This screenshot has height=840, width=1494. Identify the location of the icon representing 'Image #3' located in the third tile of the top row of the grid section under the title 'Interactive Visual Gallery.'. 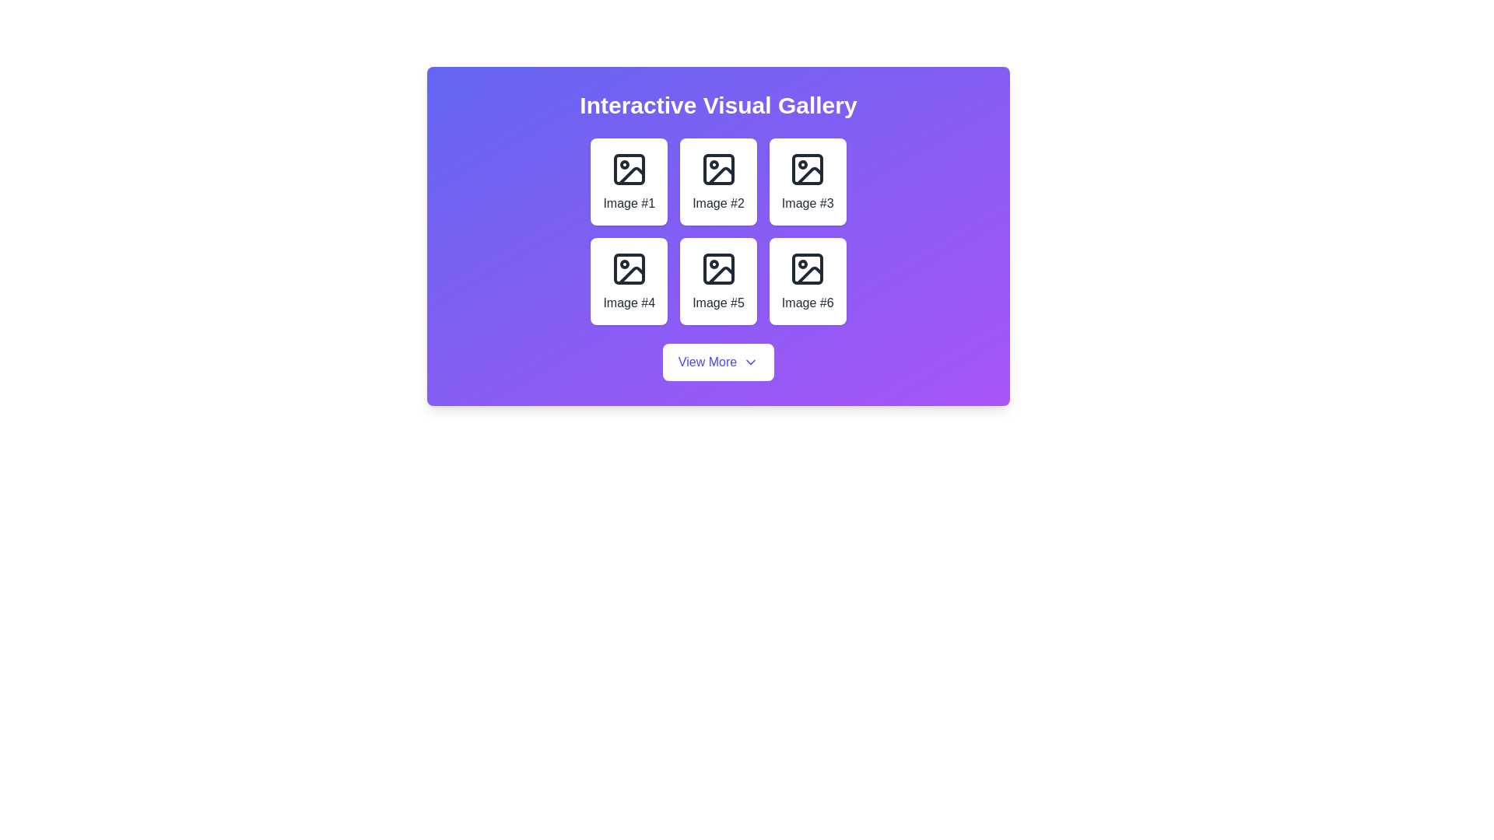
(808, 170).